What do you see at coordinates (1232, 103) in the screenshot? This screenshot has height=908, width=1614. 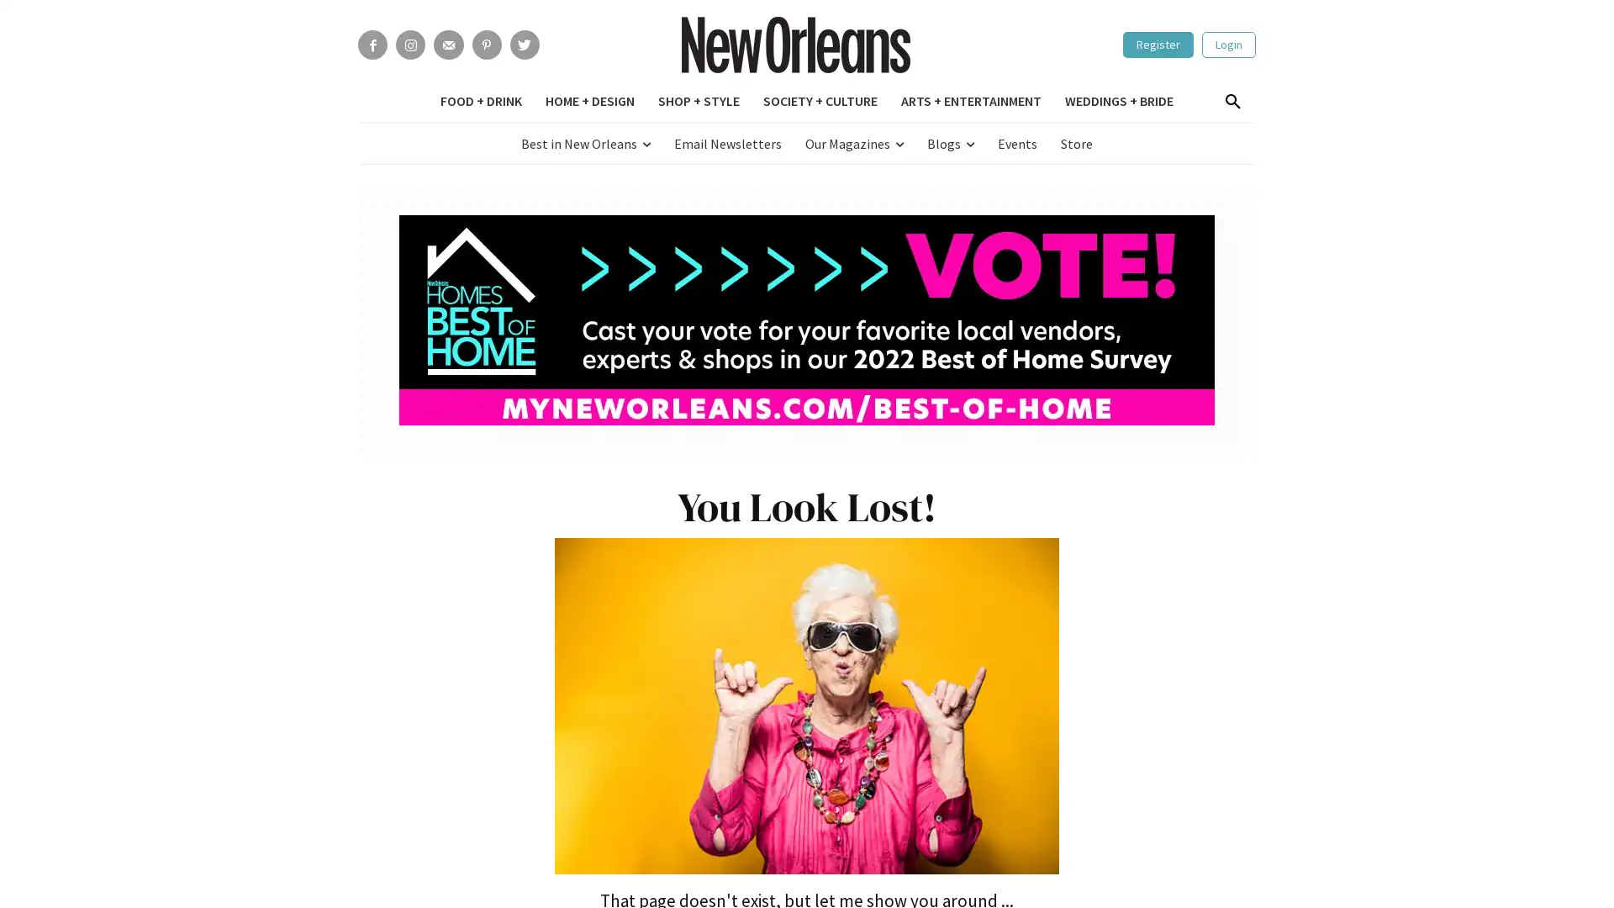 I see `Search` at bounding box center [1232, 103].